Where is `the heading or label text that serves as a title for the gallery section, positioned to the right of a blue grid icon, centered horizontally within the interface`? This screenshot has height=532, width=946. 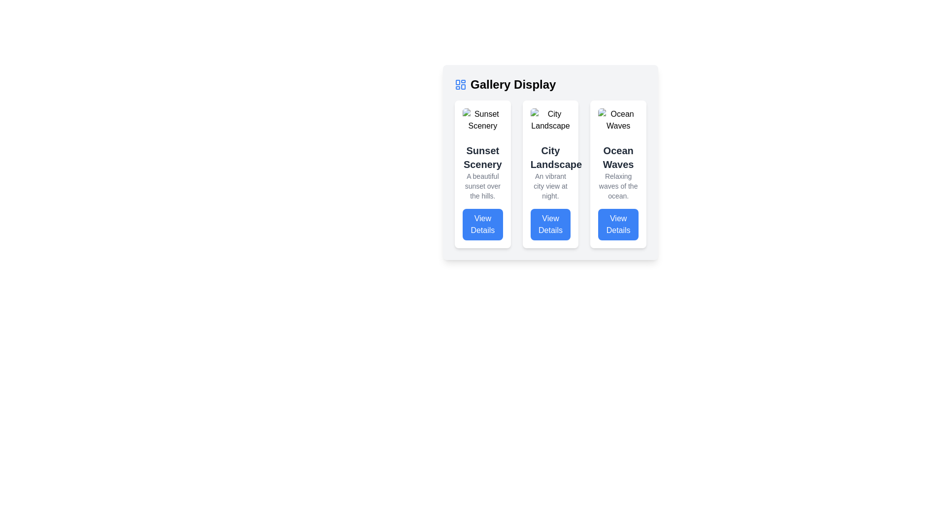
the heading or label text that serves as a title for the gallery section, positioned to the right of a blue grid icon, centered horizontally within the interface is located at coordinates (512, 84).